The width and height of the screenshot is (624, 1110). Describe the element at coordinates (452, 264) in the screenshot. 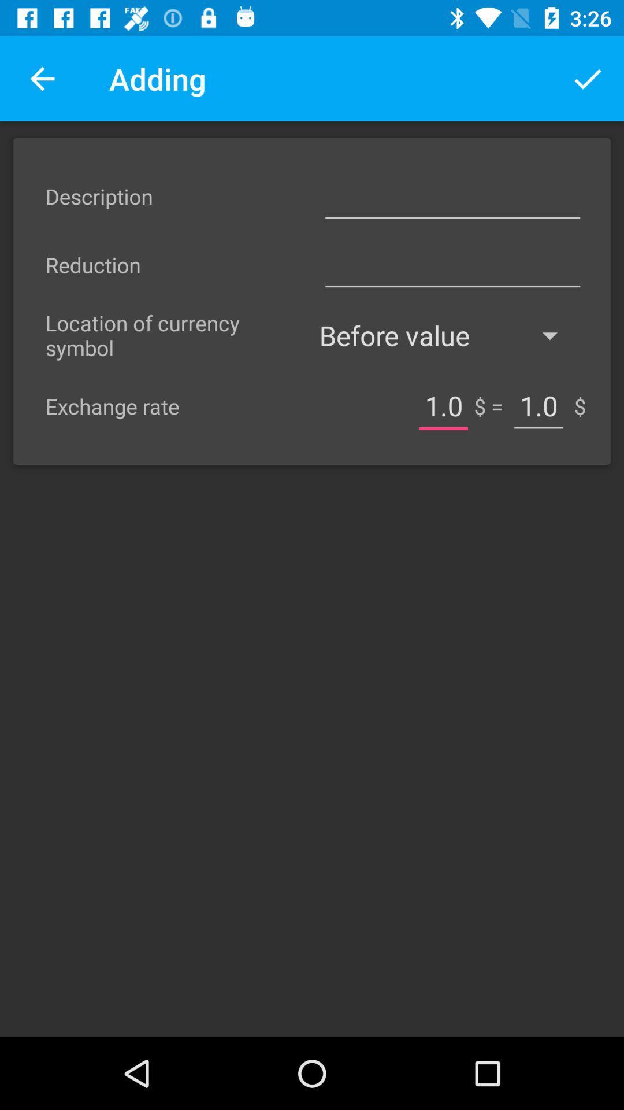

I see `input reduction value` at that location.